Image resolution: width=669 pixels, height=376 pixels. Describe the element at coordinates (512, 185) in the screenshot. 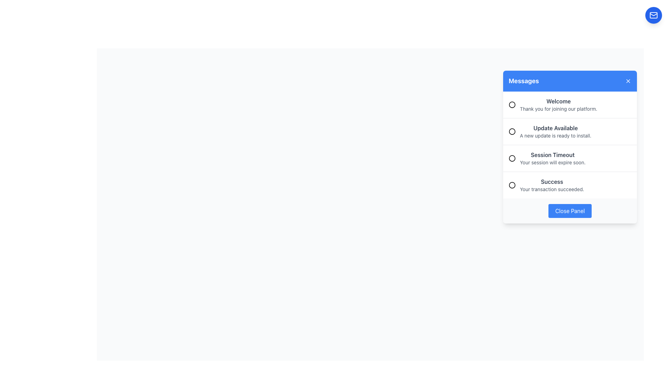

I see `the circular green icon located to the left of the 'Success' message text in the Messages panel` at that location.